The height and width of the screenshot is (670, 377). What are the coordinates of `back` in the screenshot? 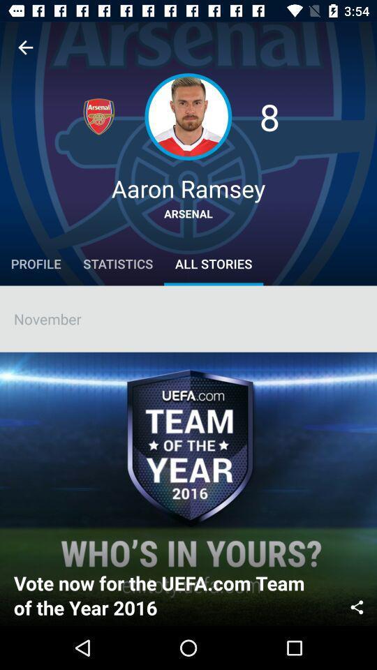 It's located at (25, 47).